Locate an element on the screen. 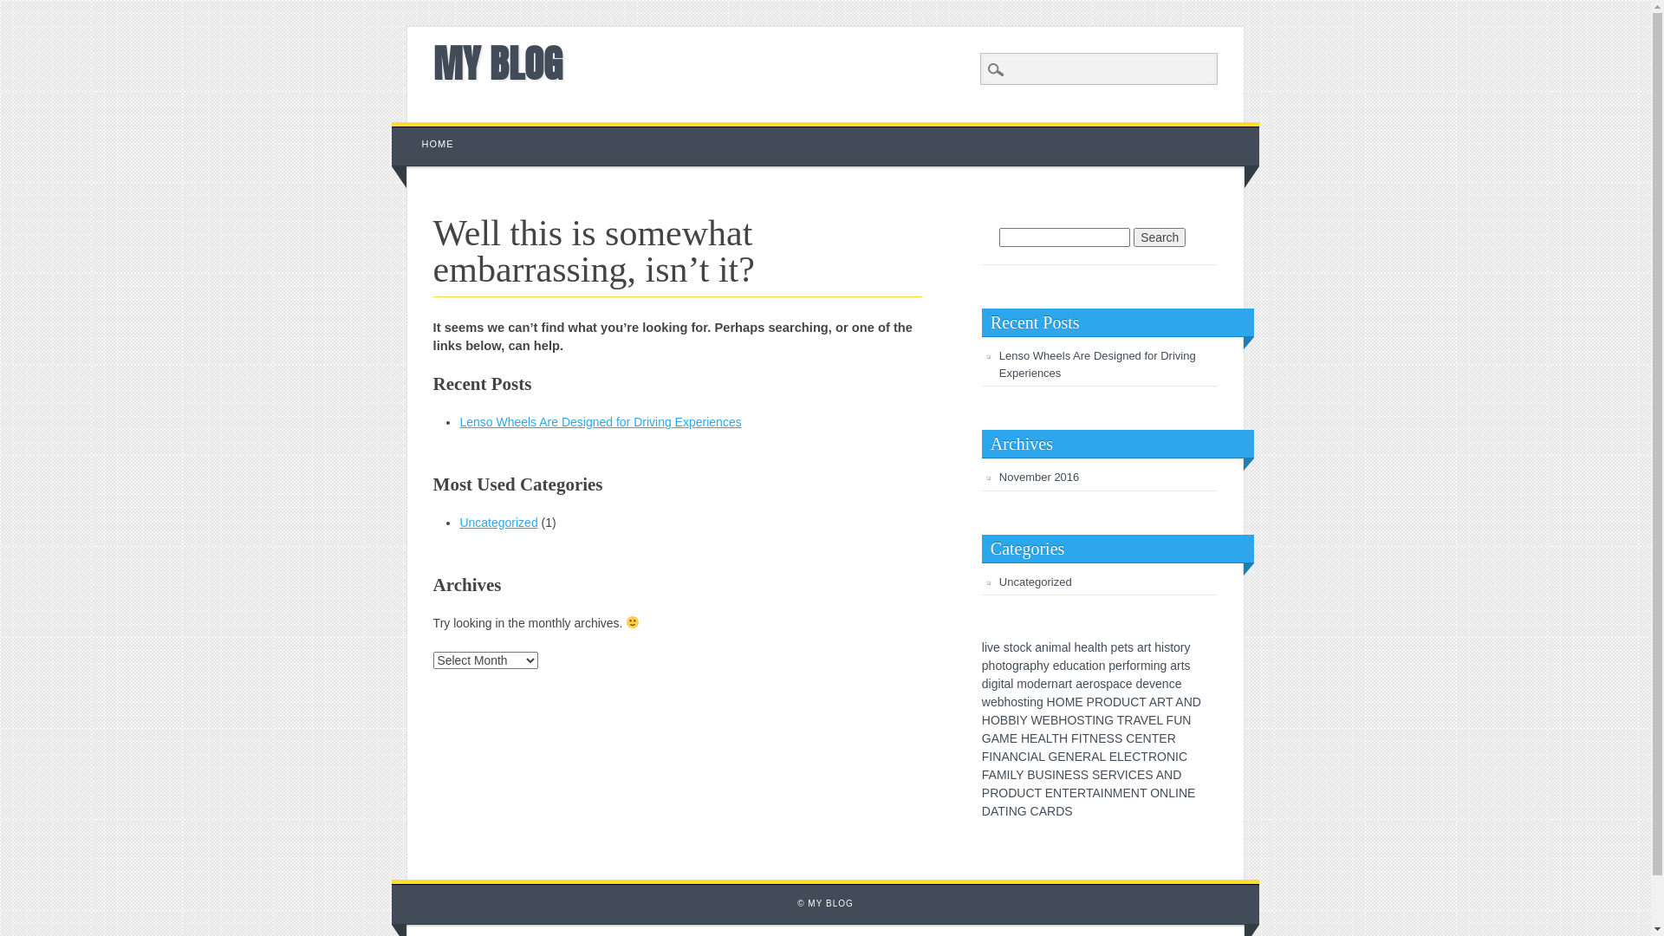 Image resolution: width=1664 pixels, height=936 pixels. 'E' is located at coordinates (1013, 738).